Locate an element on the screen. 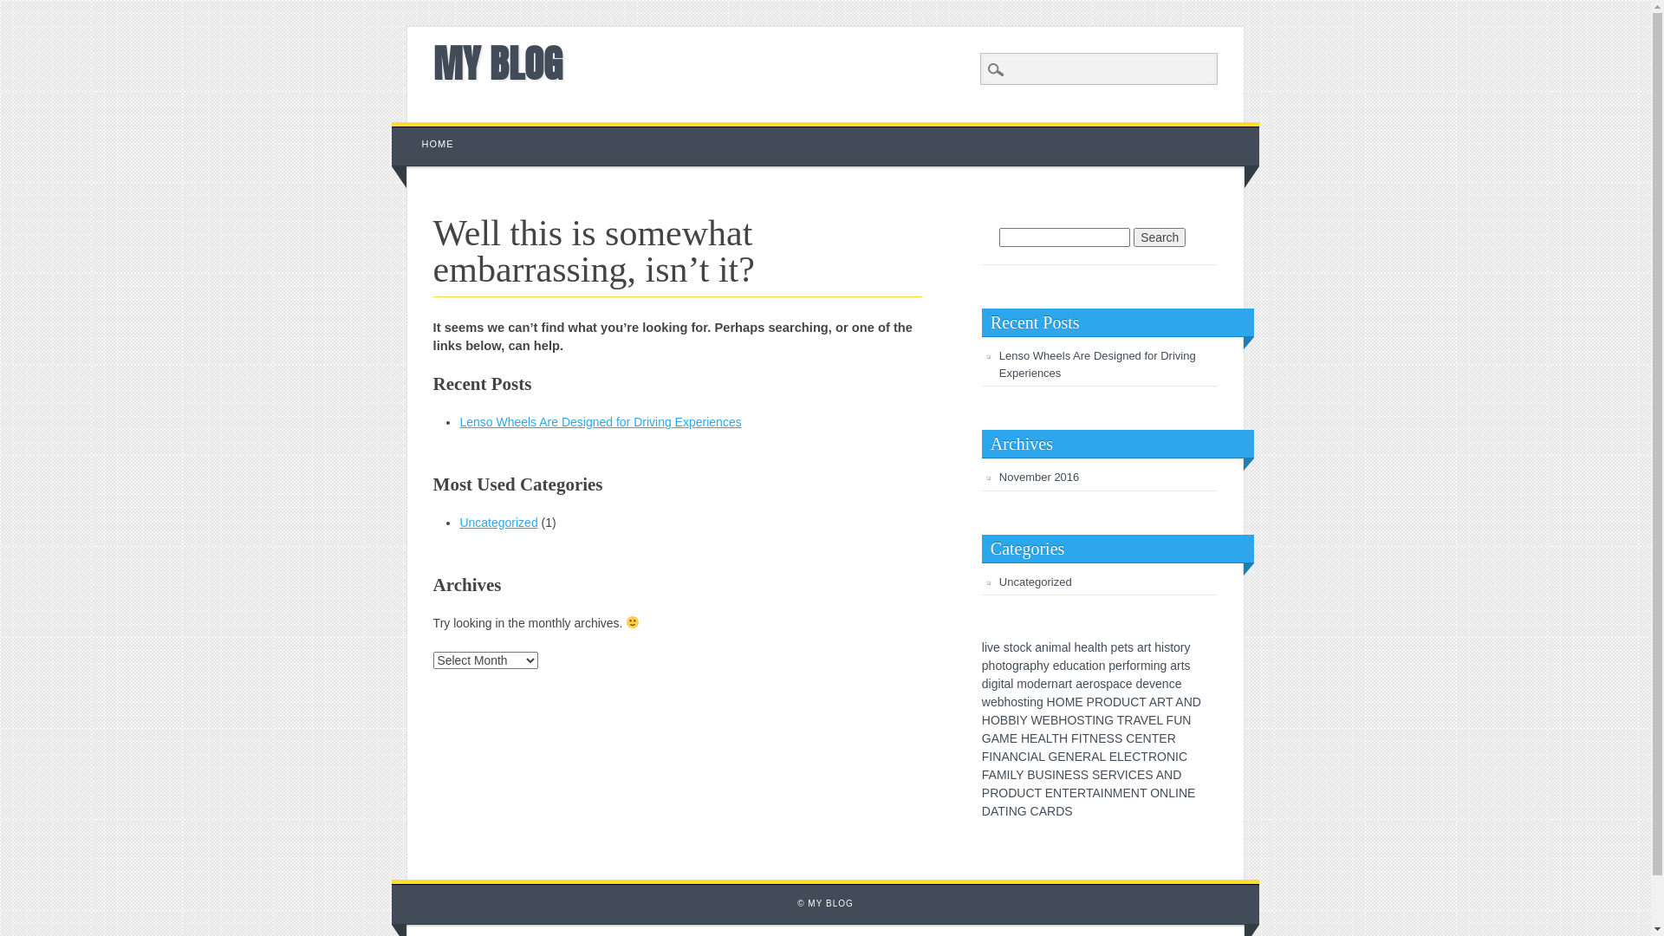 Image resolution: width=1664 pixels, height=936 pixels. 'E' is located at coordinates (1013, 738).